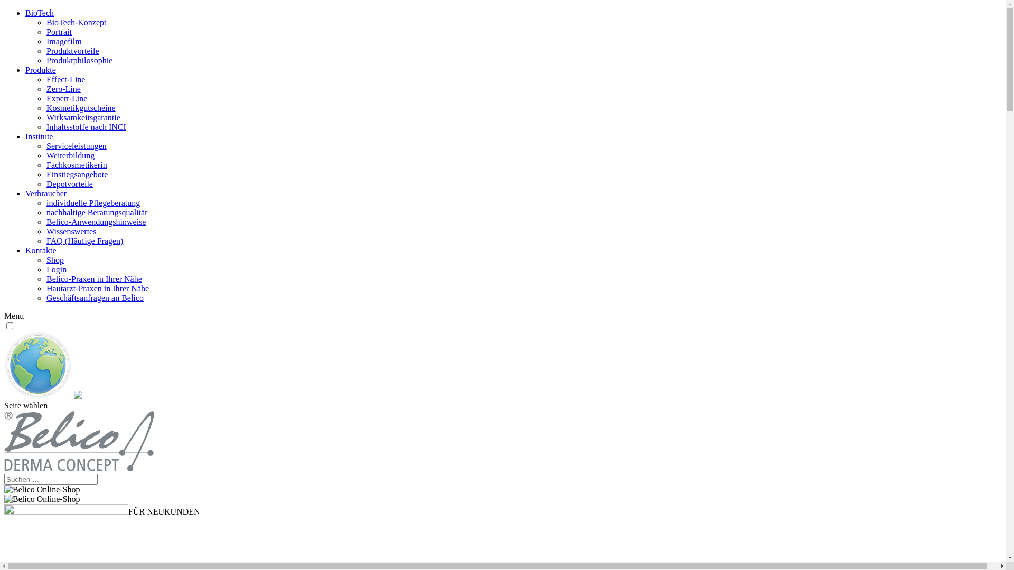  Describe the element at coordinates (39, 136) in the screenshot. I see `'Institute'` at that location.